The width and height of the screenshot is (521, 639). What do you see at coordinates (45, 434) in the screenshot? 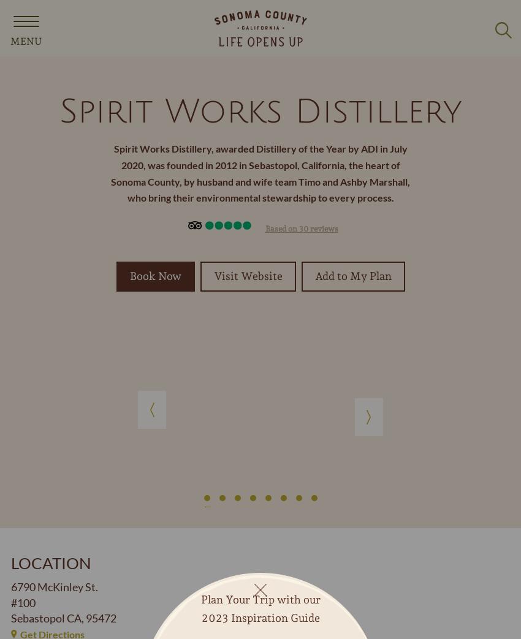
I see `'Wine Country'` at bounding box center [45, 434].